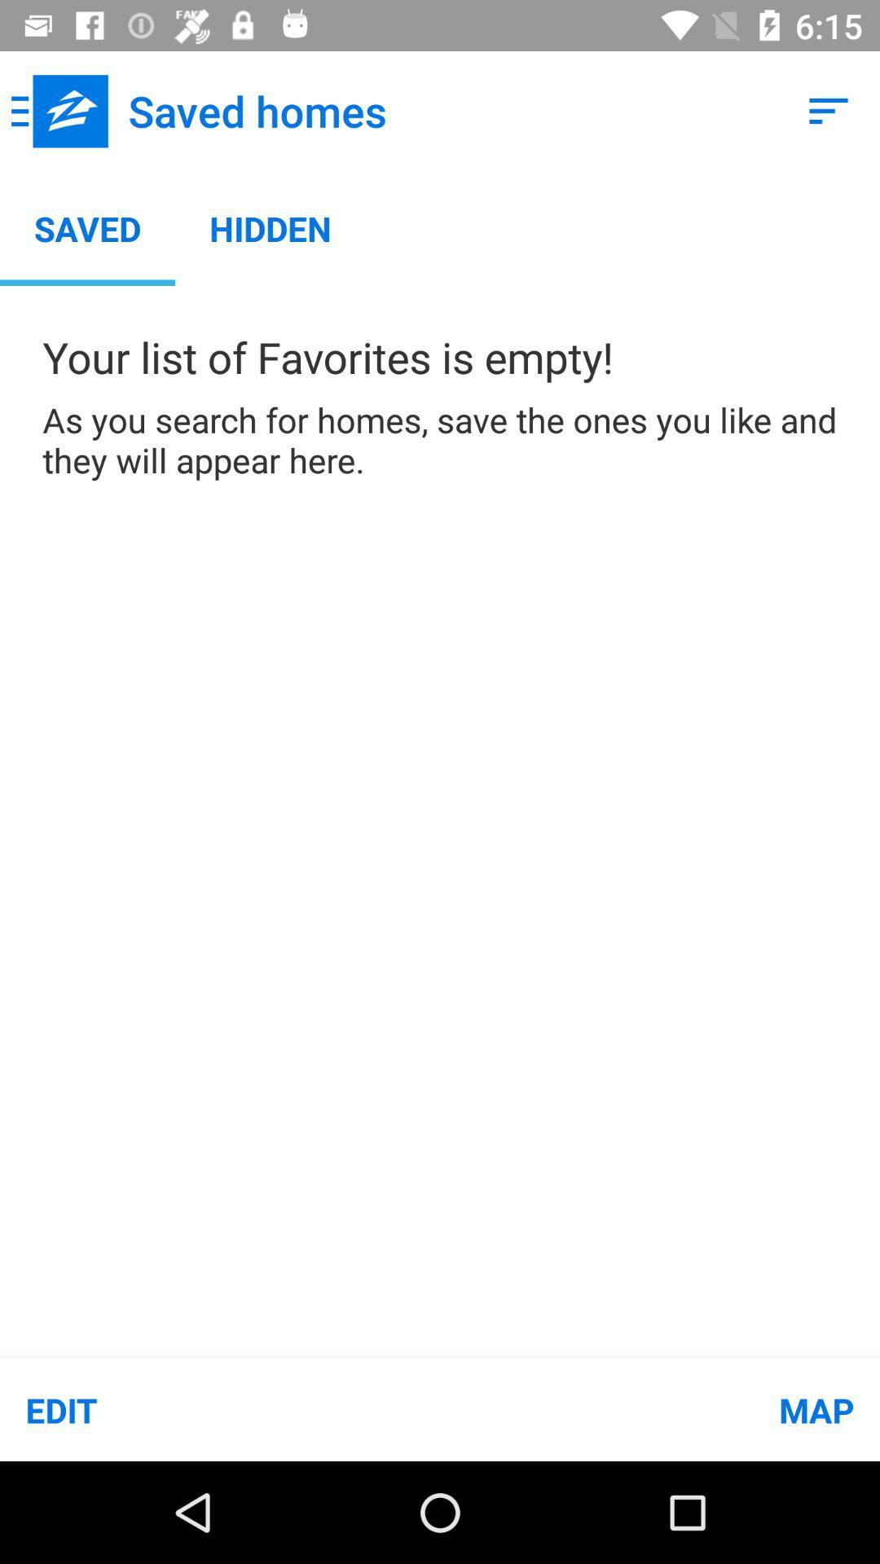  Describe the element at coordinates (220, 1409) in the screenshot. I see `edit item` at that location.